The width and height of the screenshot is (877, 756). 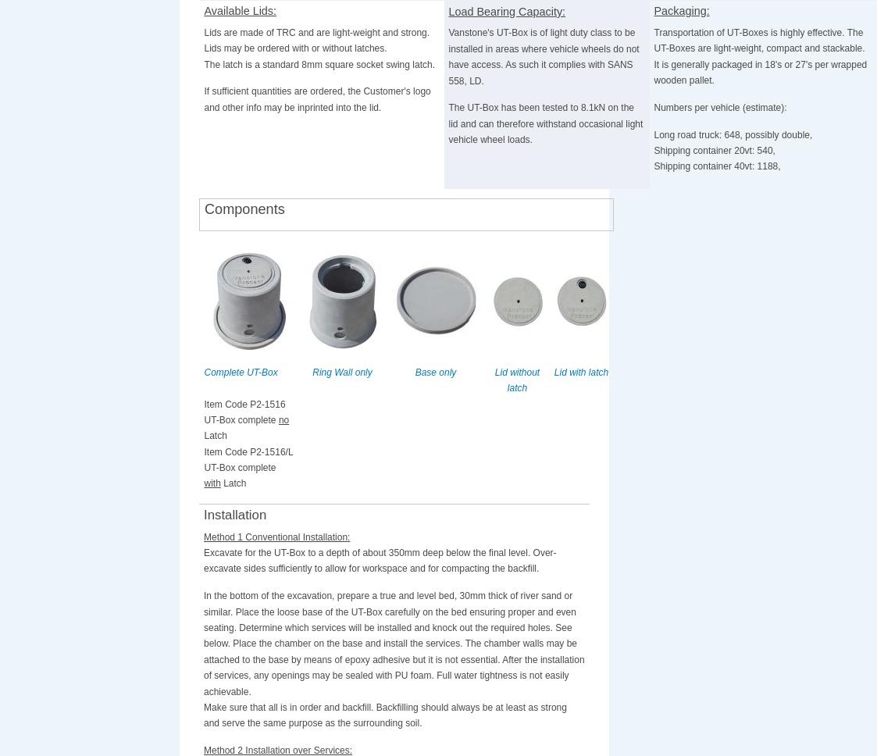 I want to click on 'The latch is a standard 8mm square socket swing latch.', so click(x=318, y=63).